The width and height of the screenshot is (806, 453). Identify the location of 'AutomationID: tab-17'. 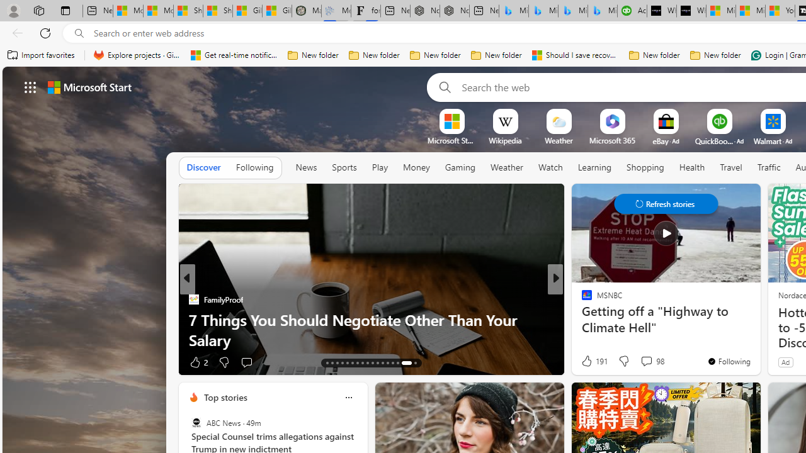
(347, 363).